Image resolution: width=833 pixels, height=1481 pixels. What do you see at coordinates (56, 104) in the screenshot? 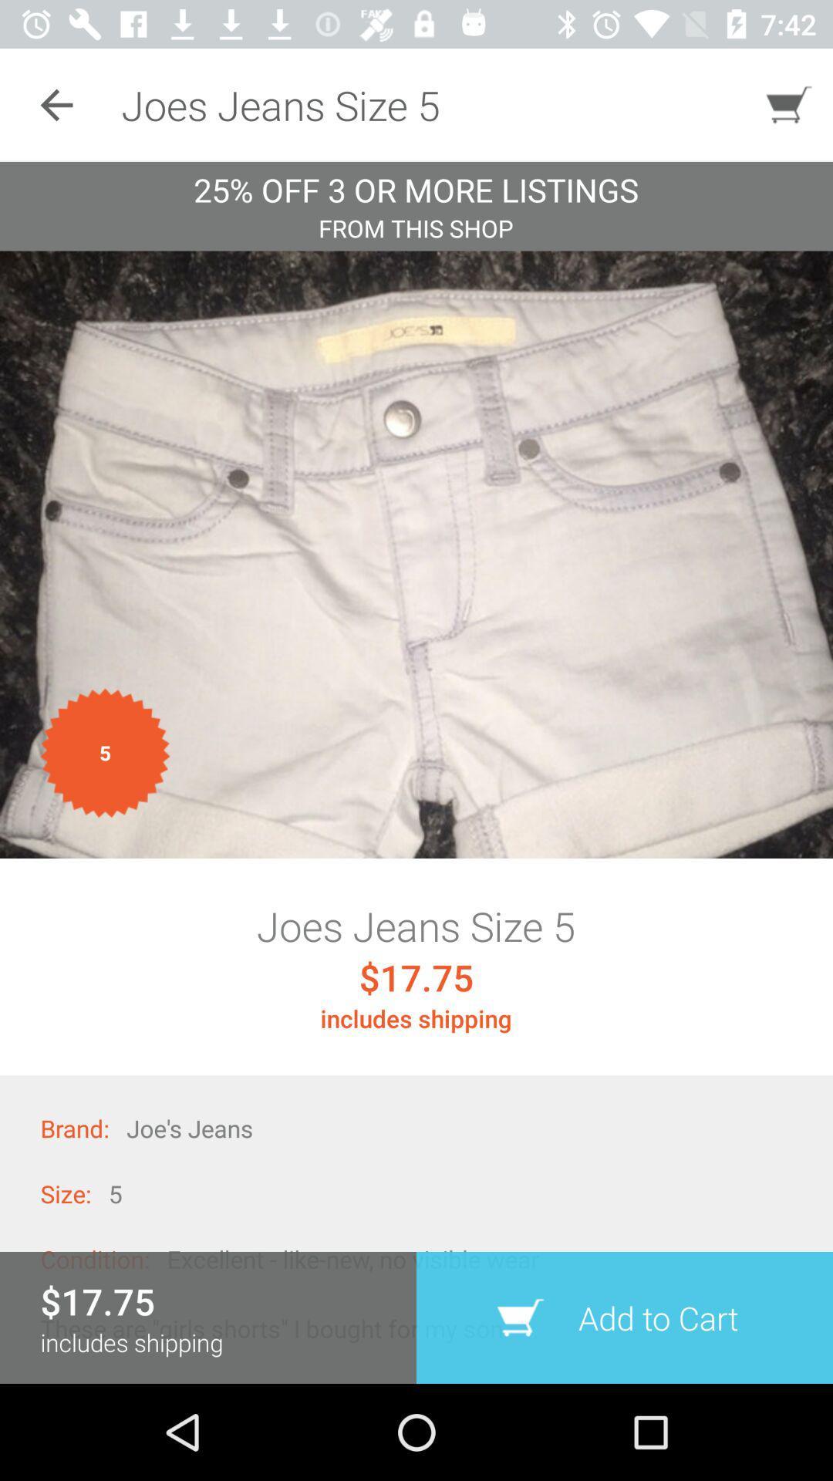
I see `the icon to the left of the joes jeans size icon` at bounding box center [56, 104].